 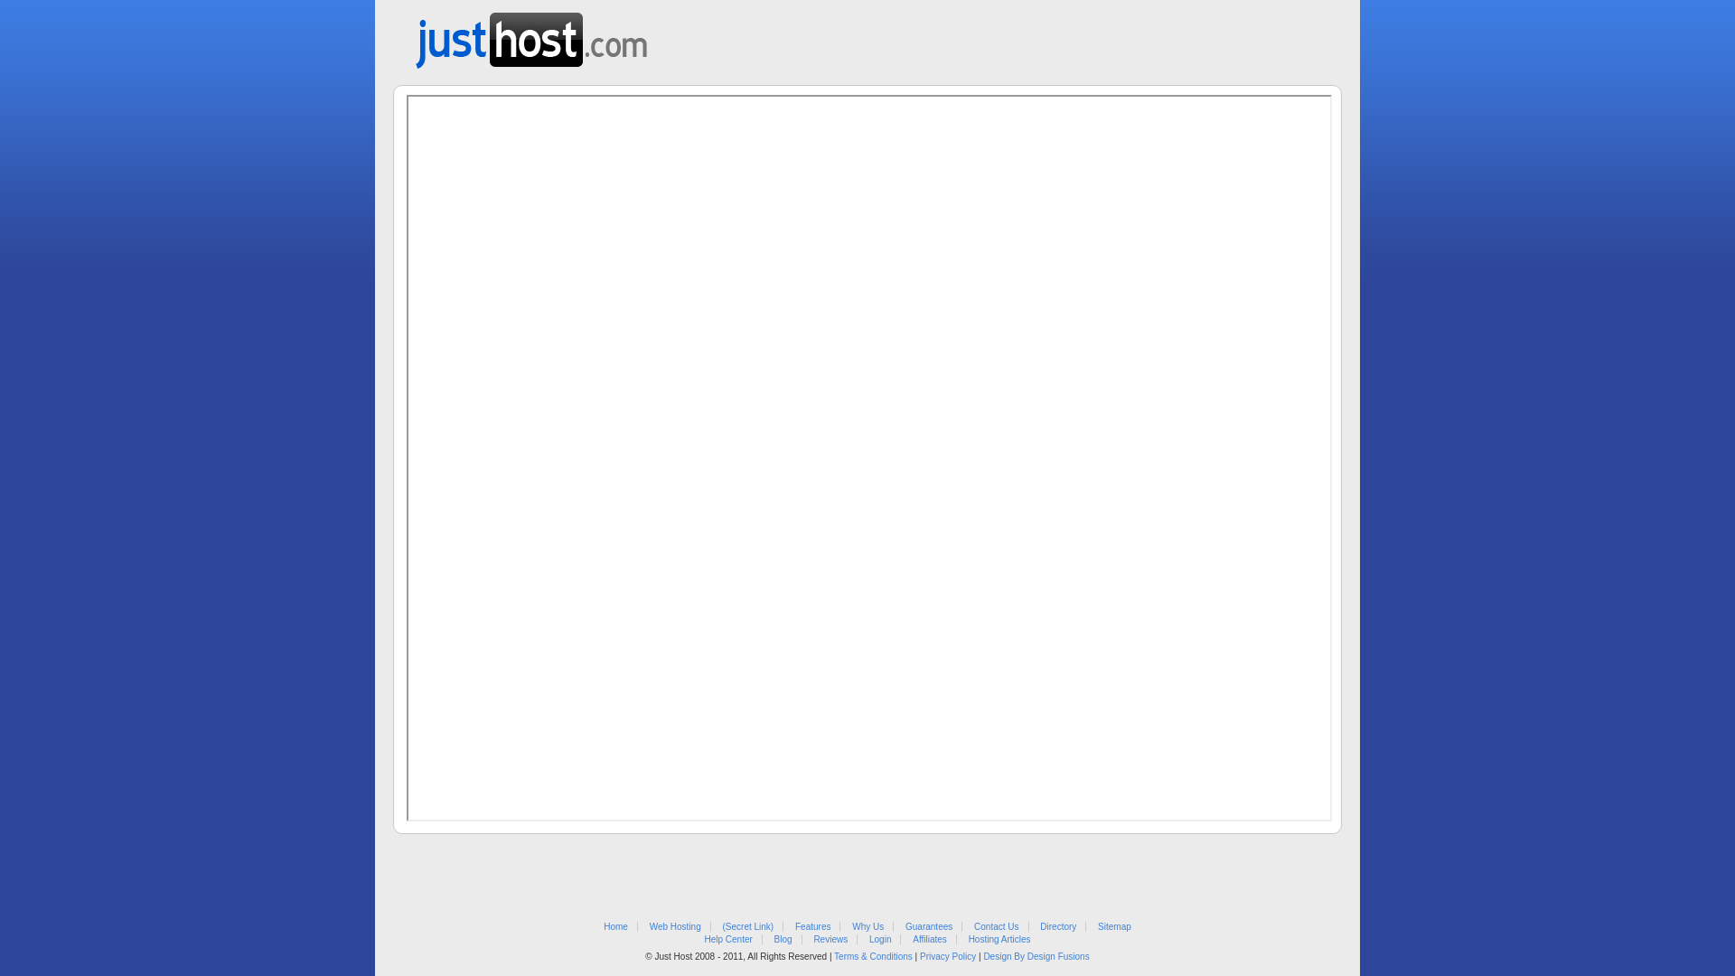 I want to click on 'Web Hosting', so click(x=674, y=926).